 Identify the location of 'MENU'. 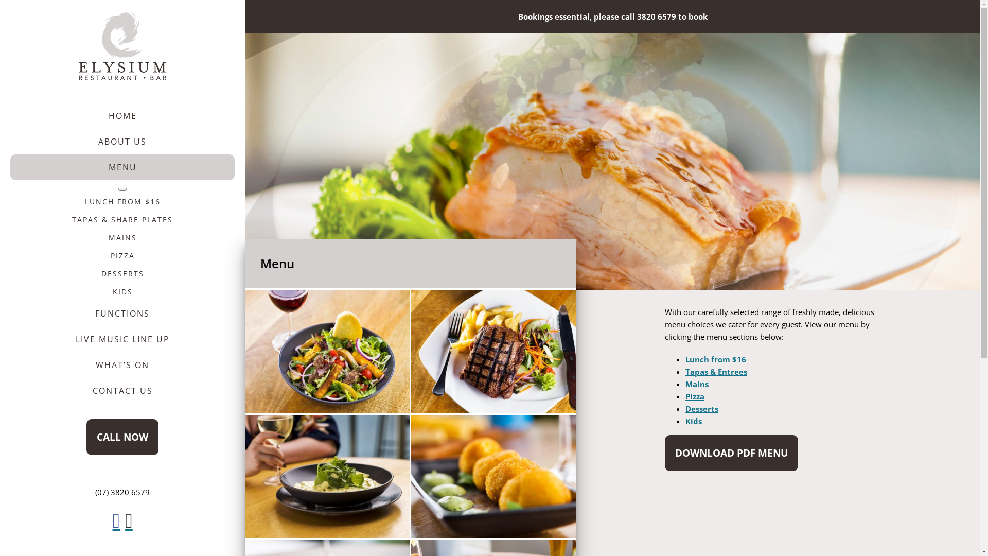
(122, 166).